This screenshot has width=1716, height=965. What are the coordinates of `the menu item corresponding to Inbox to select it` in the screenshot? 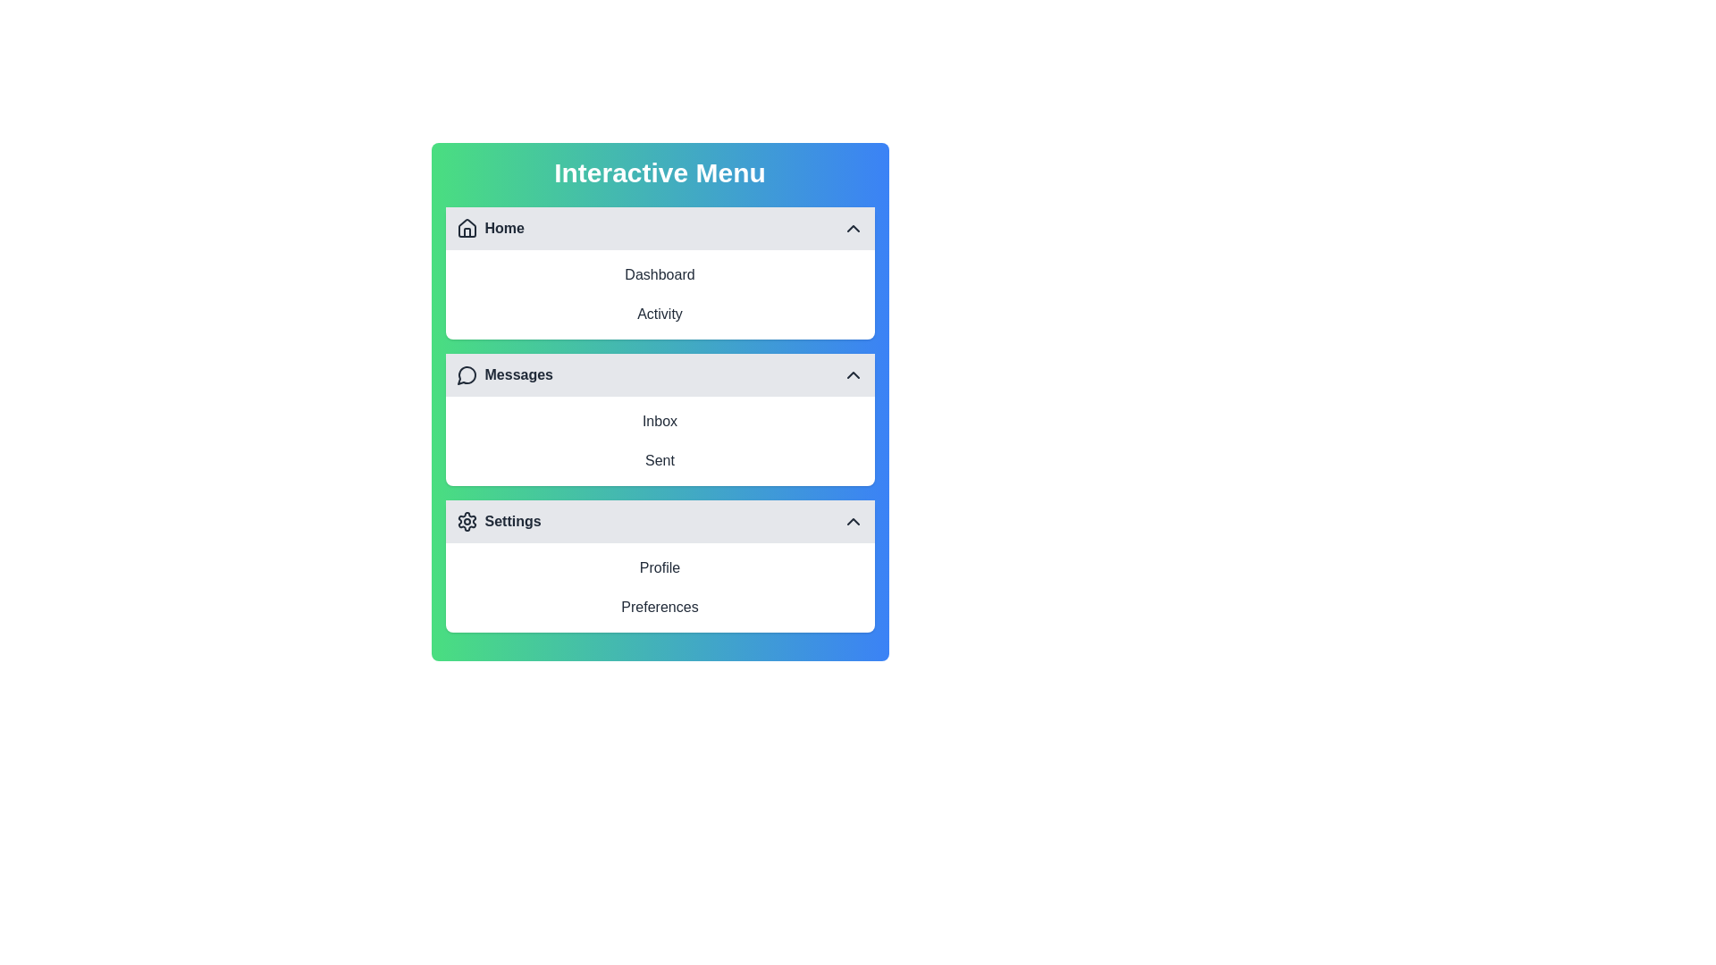 It's located at (659, 421).